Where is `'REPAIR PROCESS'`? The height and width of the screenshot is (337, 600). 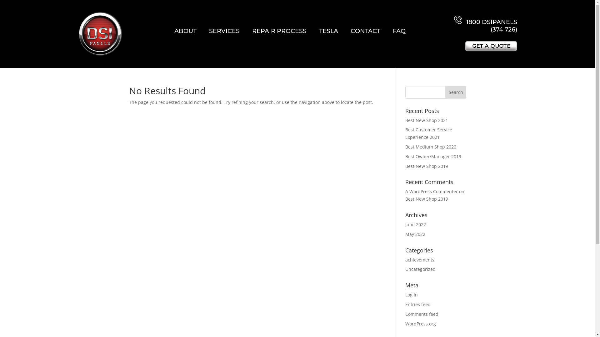
'REPAIR PROCESS' is located at coordinates (279, 31).